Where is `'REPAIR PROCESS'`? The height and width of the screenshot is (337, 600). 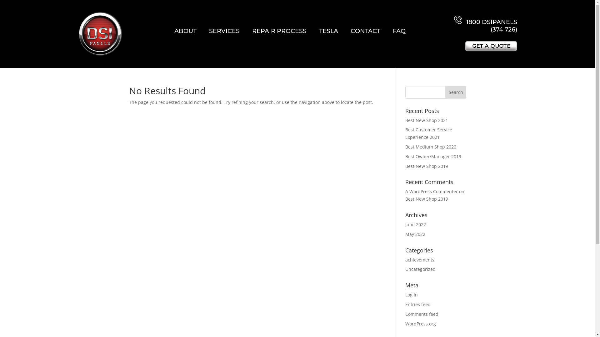
'REPAIR PROCESS' is located at coordinates (279, 31).